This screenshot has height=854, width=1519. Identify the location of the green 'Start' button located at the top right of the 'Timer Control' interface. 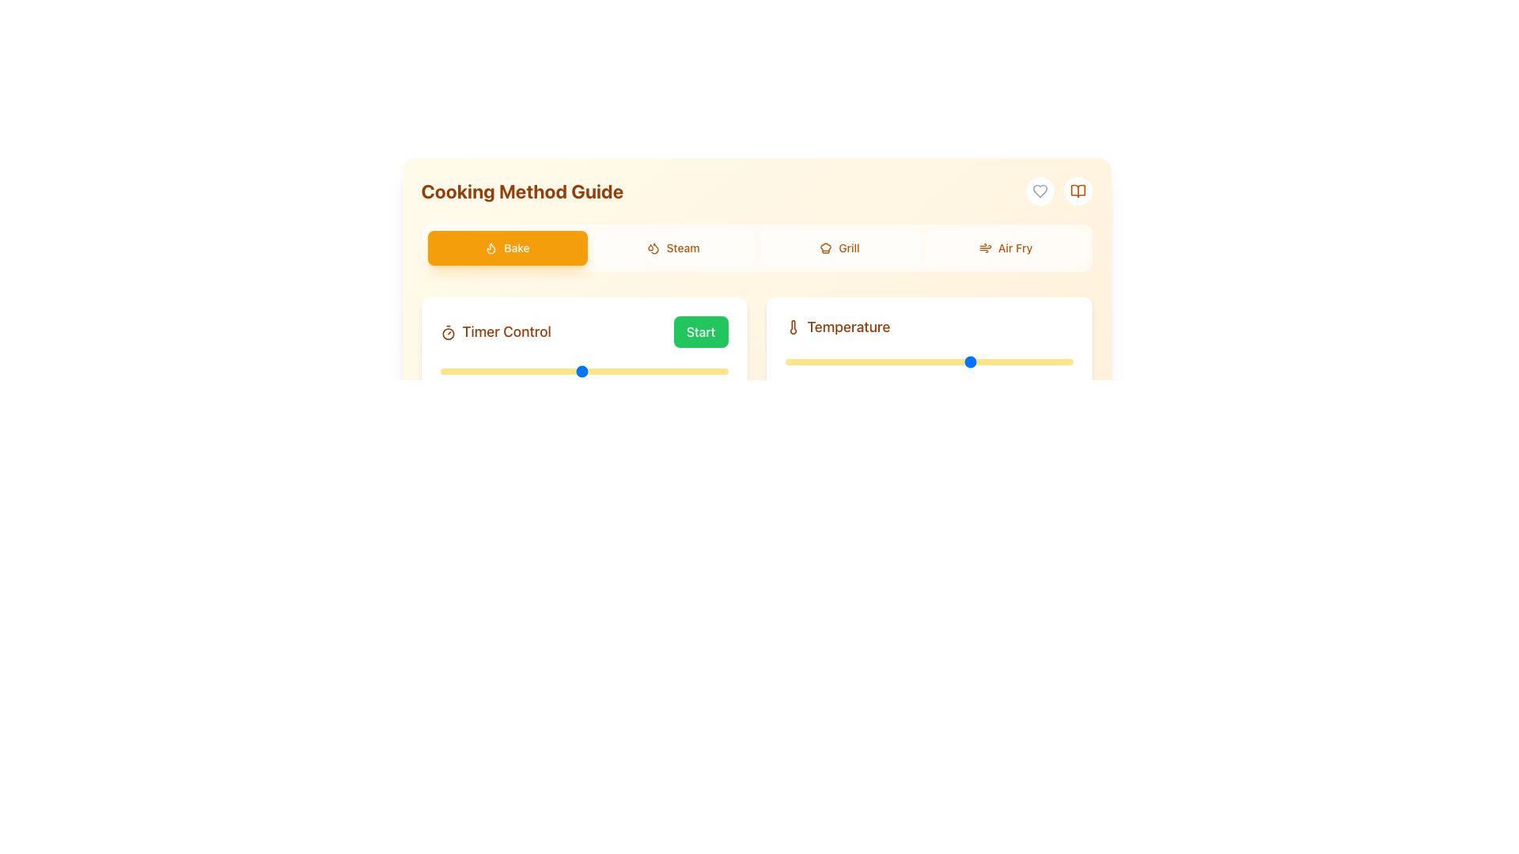
(583, 366).